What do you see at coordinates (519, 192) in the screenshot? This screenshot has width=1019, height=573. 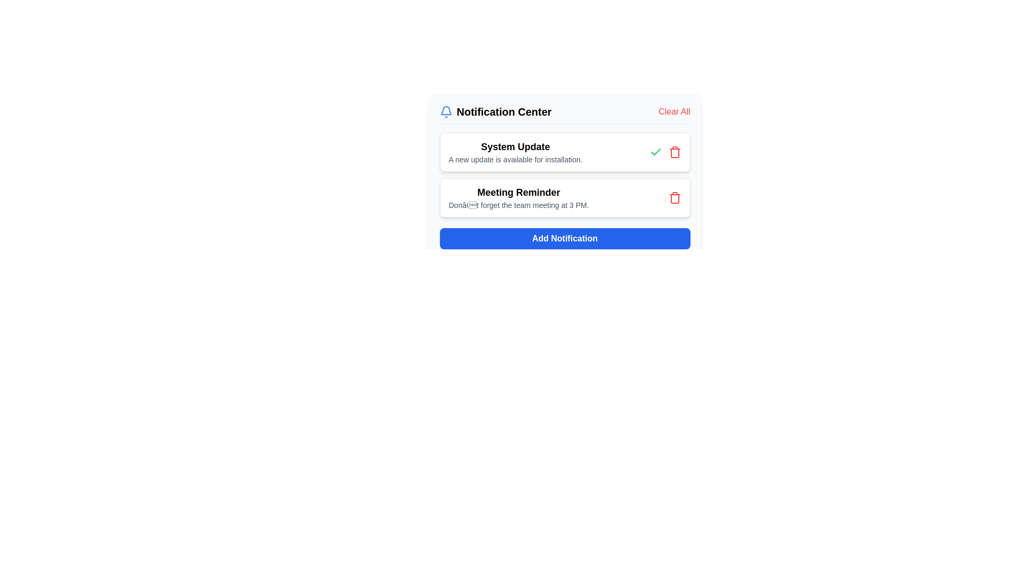 I see `the Heading or text label in the second notification card of the Notification Center, which summarizes the notification content` at bounding box center [519, 192].